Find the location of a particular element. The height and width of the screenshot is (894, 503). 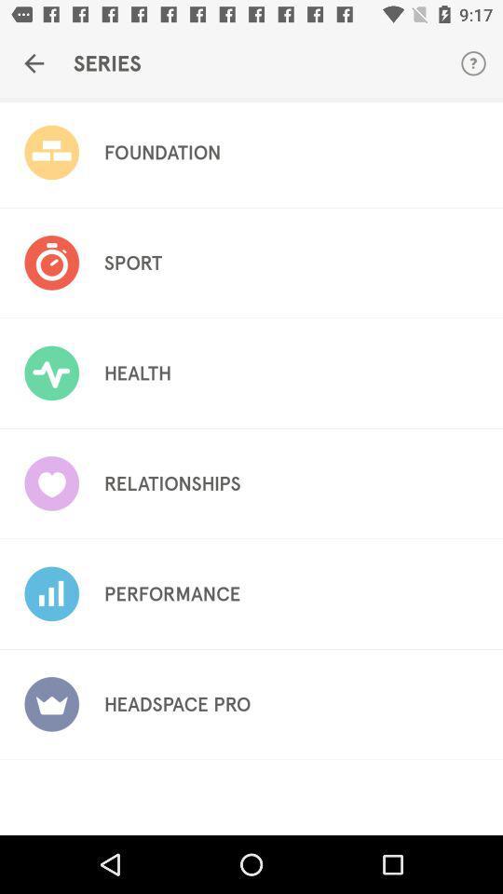

the item next to the series is located at coordinates (34, 63).